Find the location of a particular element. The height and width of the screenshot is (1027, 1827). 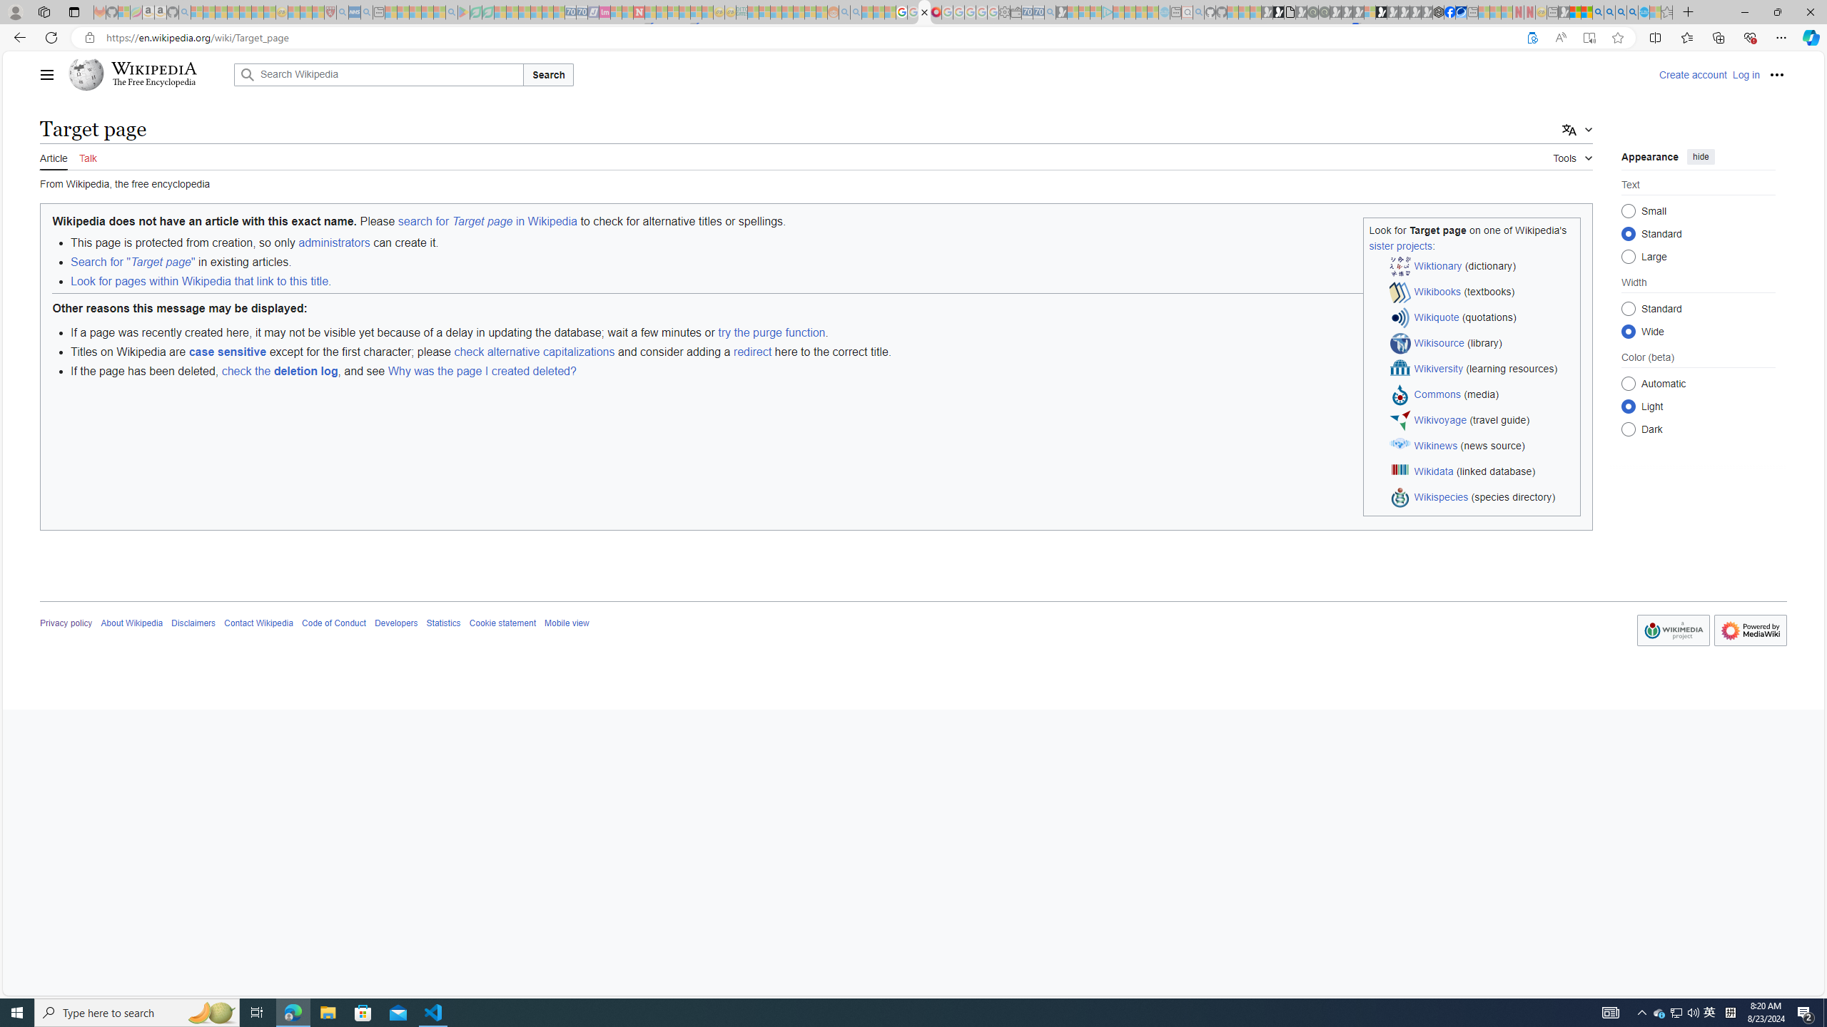

'Personal tools' is located at coordinates (1776, 74).